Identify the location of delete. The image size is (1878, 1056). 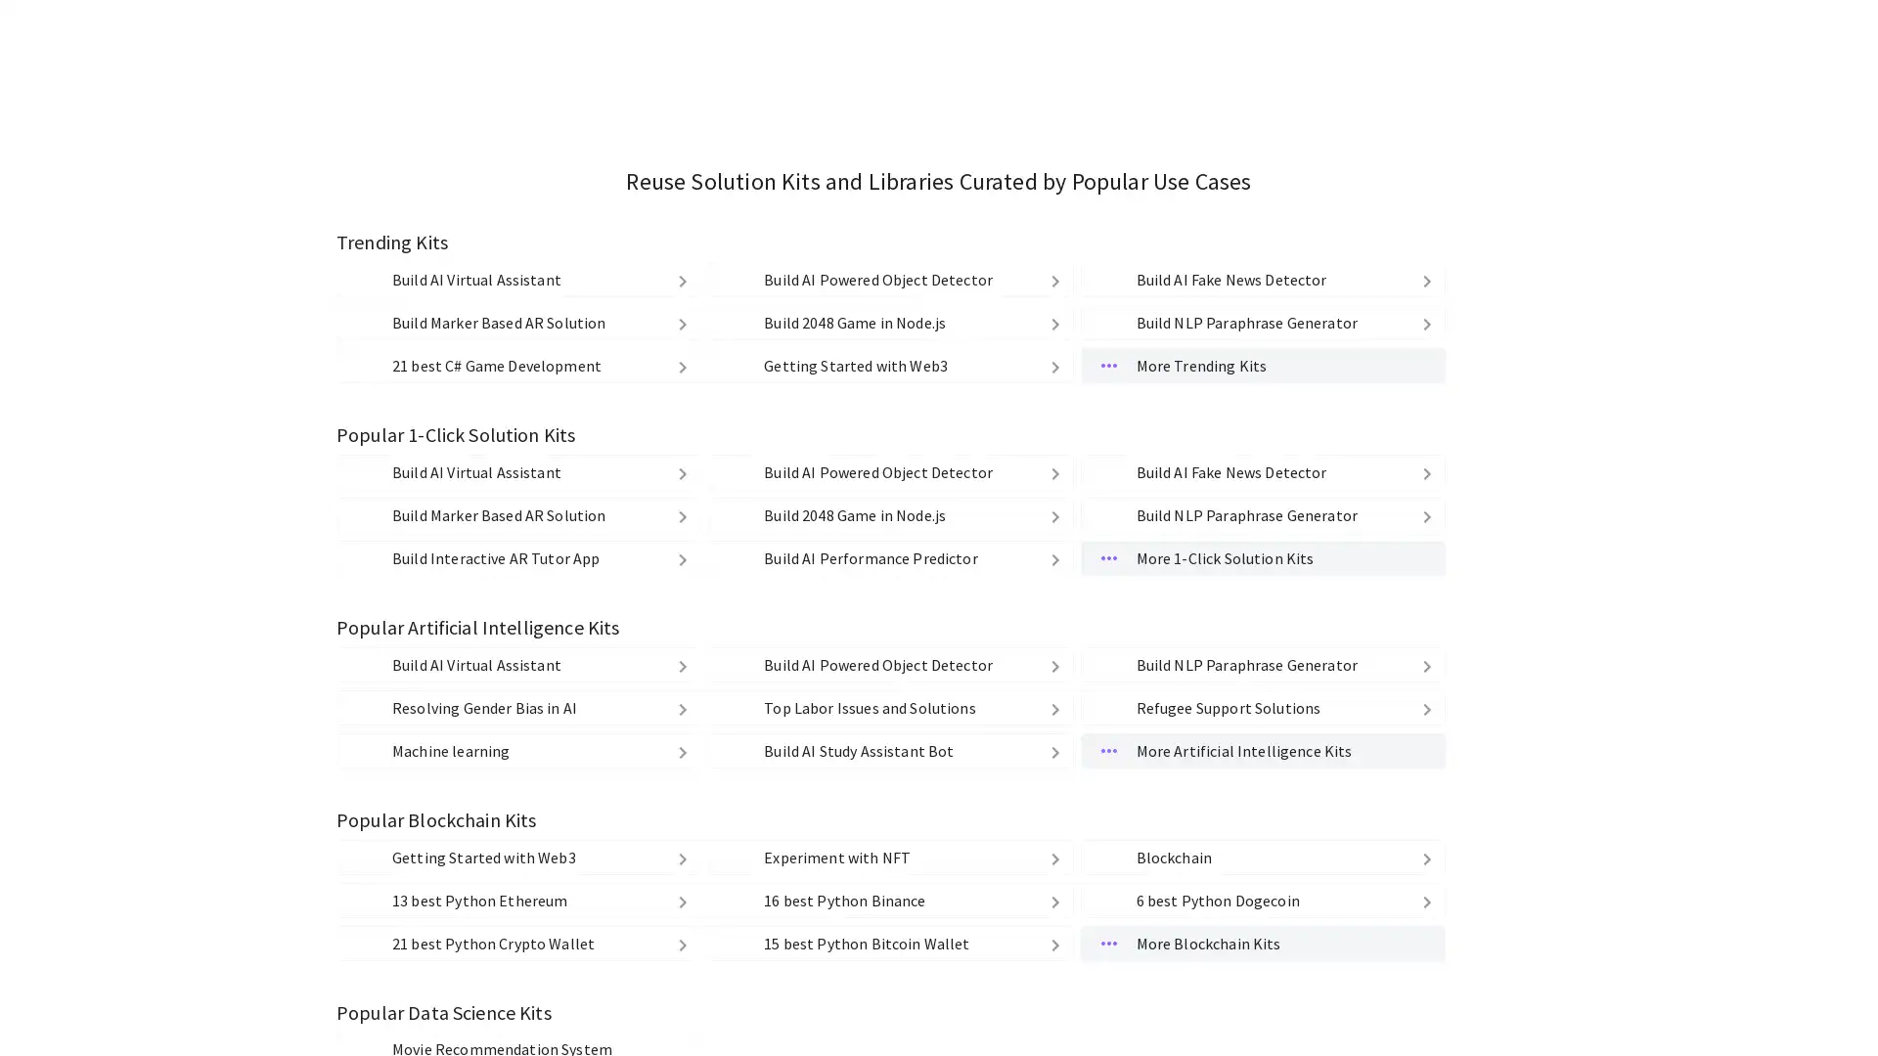
(667, 858).